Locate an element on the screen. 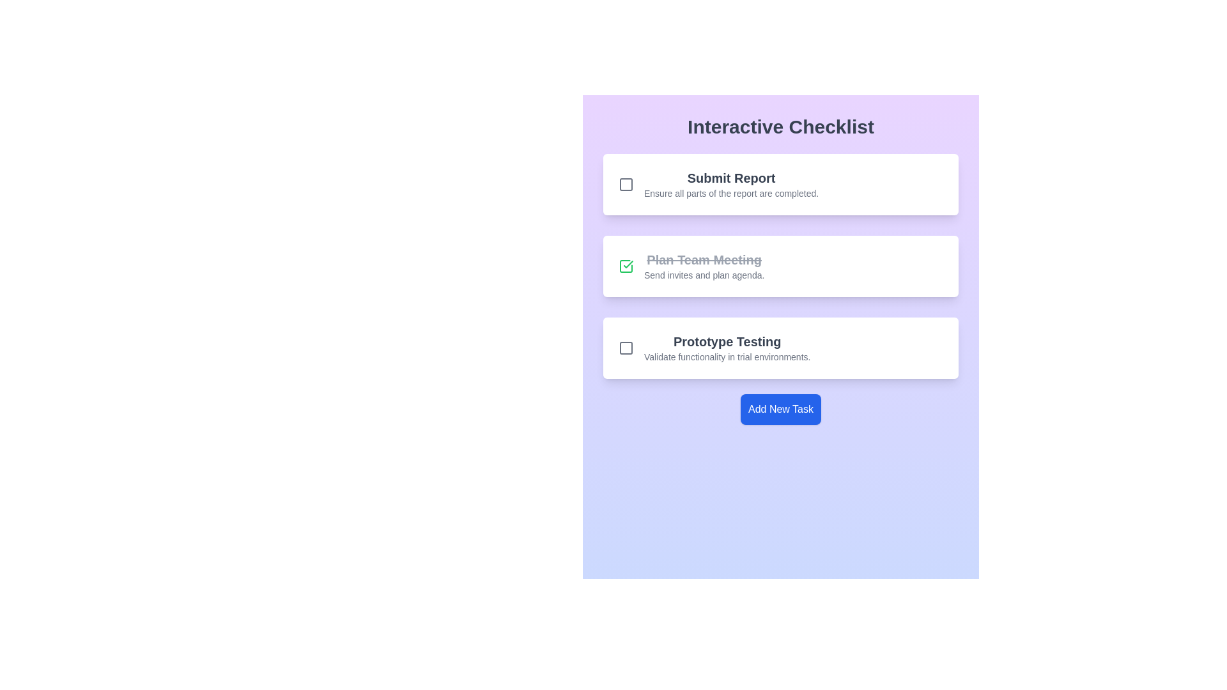 Image resolution: width=1227 pixels, height=690 pixels. 'Add New Task' button to add a new task is located at coordinates (780, 409).